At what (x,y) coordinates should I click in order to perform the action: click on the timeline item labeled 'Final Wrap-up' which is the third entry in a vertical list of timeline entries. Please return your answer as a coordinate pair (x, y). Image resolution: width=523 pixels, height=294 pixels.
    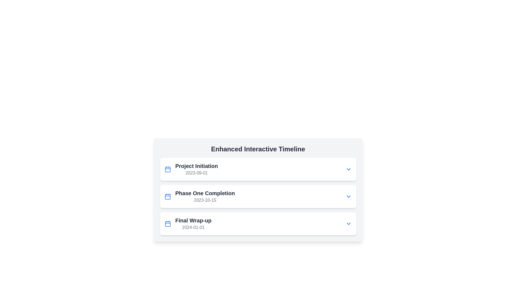
    Looking at the image, I should click on (193, 223).